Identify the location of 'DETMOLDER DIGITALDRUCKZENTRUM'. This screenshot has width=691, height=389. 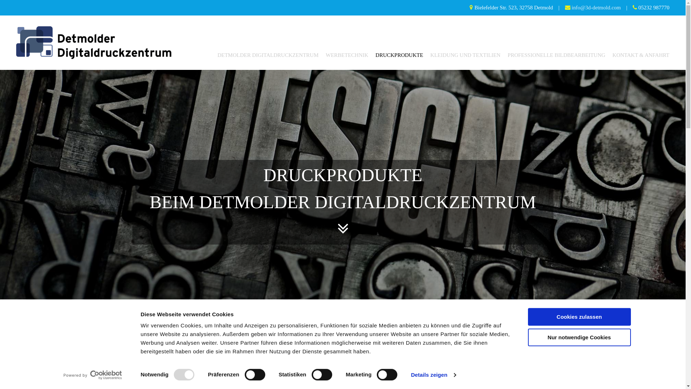
(264, 55).